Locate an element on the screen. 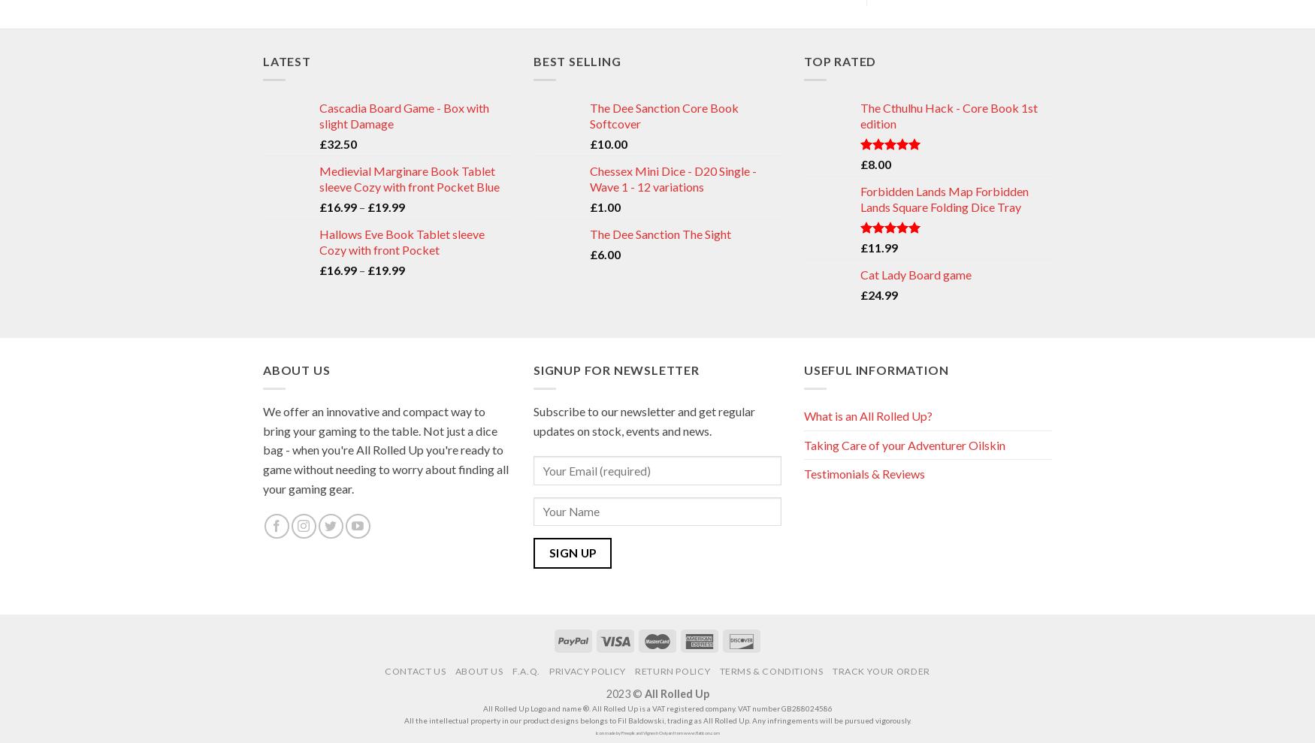 This screenshot has width=1315, height=743. 'Forbidden Lands Map Forbidden Lands Square Folding Dice Tray' is located at coordinates (944, 198).